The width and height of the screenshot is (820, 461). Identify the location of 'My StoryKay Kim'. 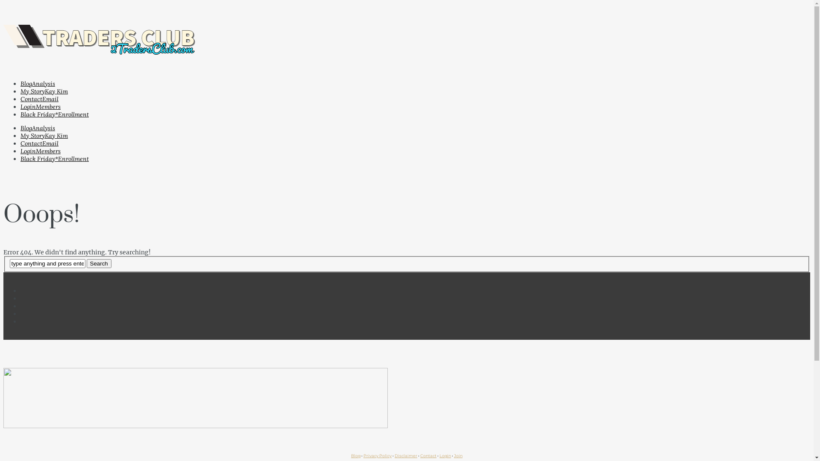
(44, 90).